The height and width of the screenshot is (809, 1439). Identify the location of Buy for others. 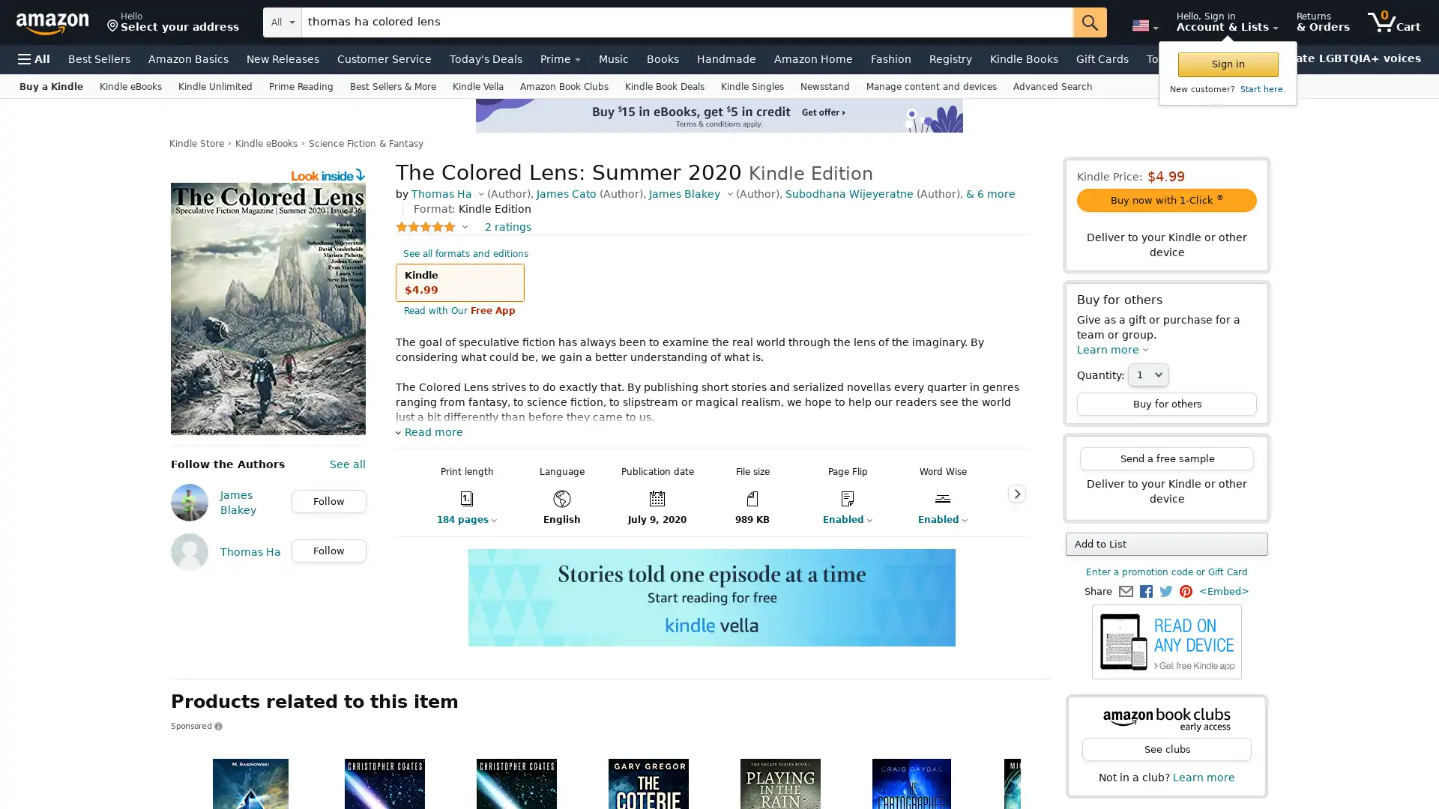
(1165, 403).